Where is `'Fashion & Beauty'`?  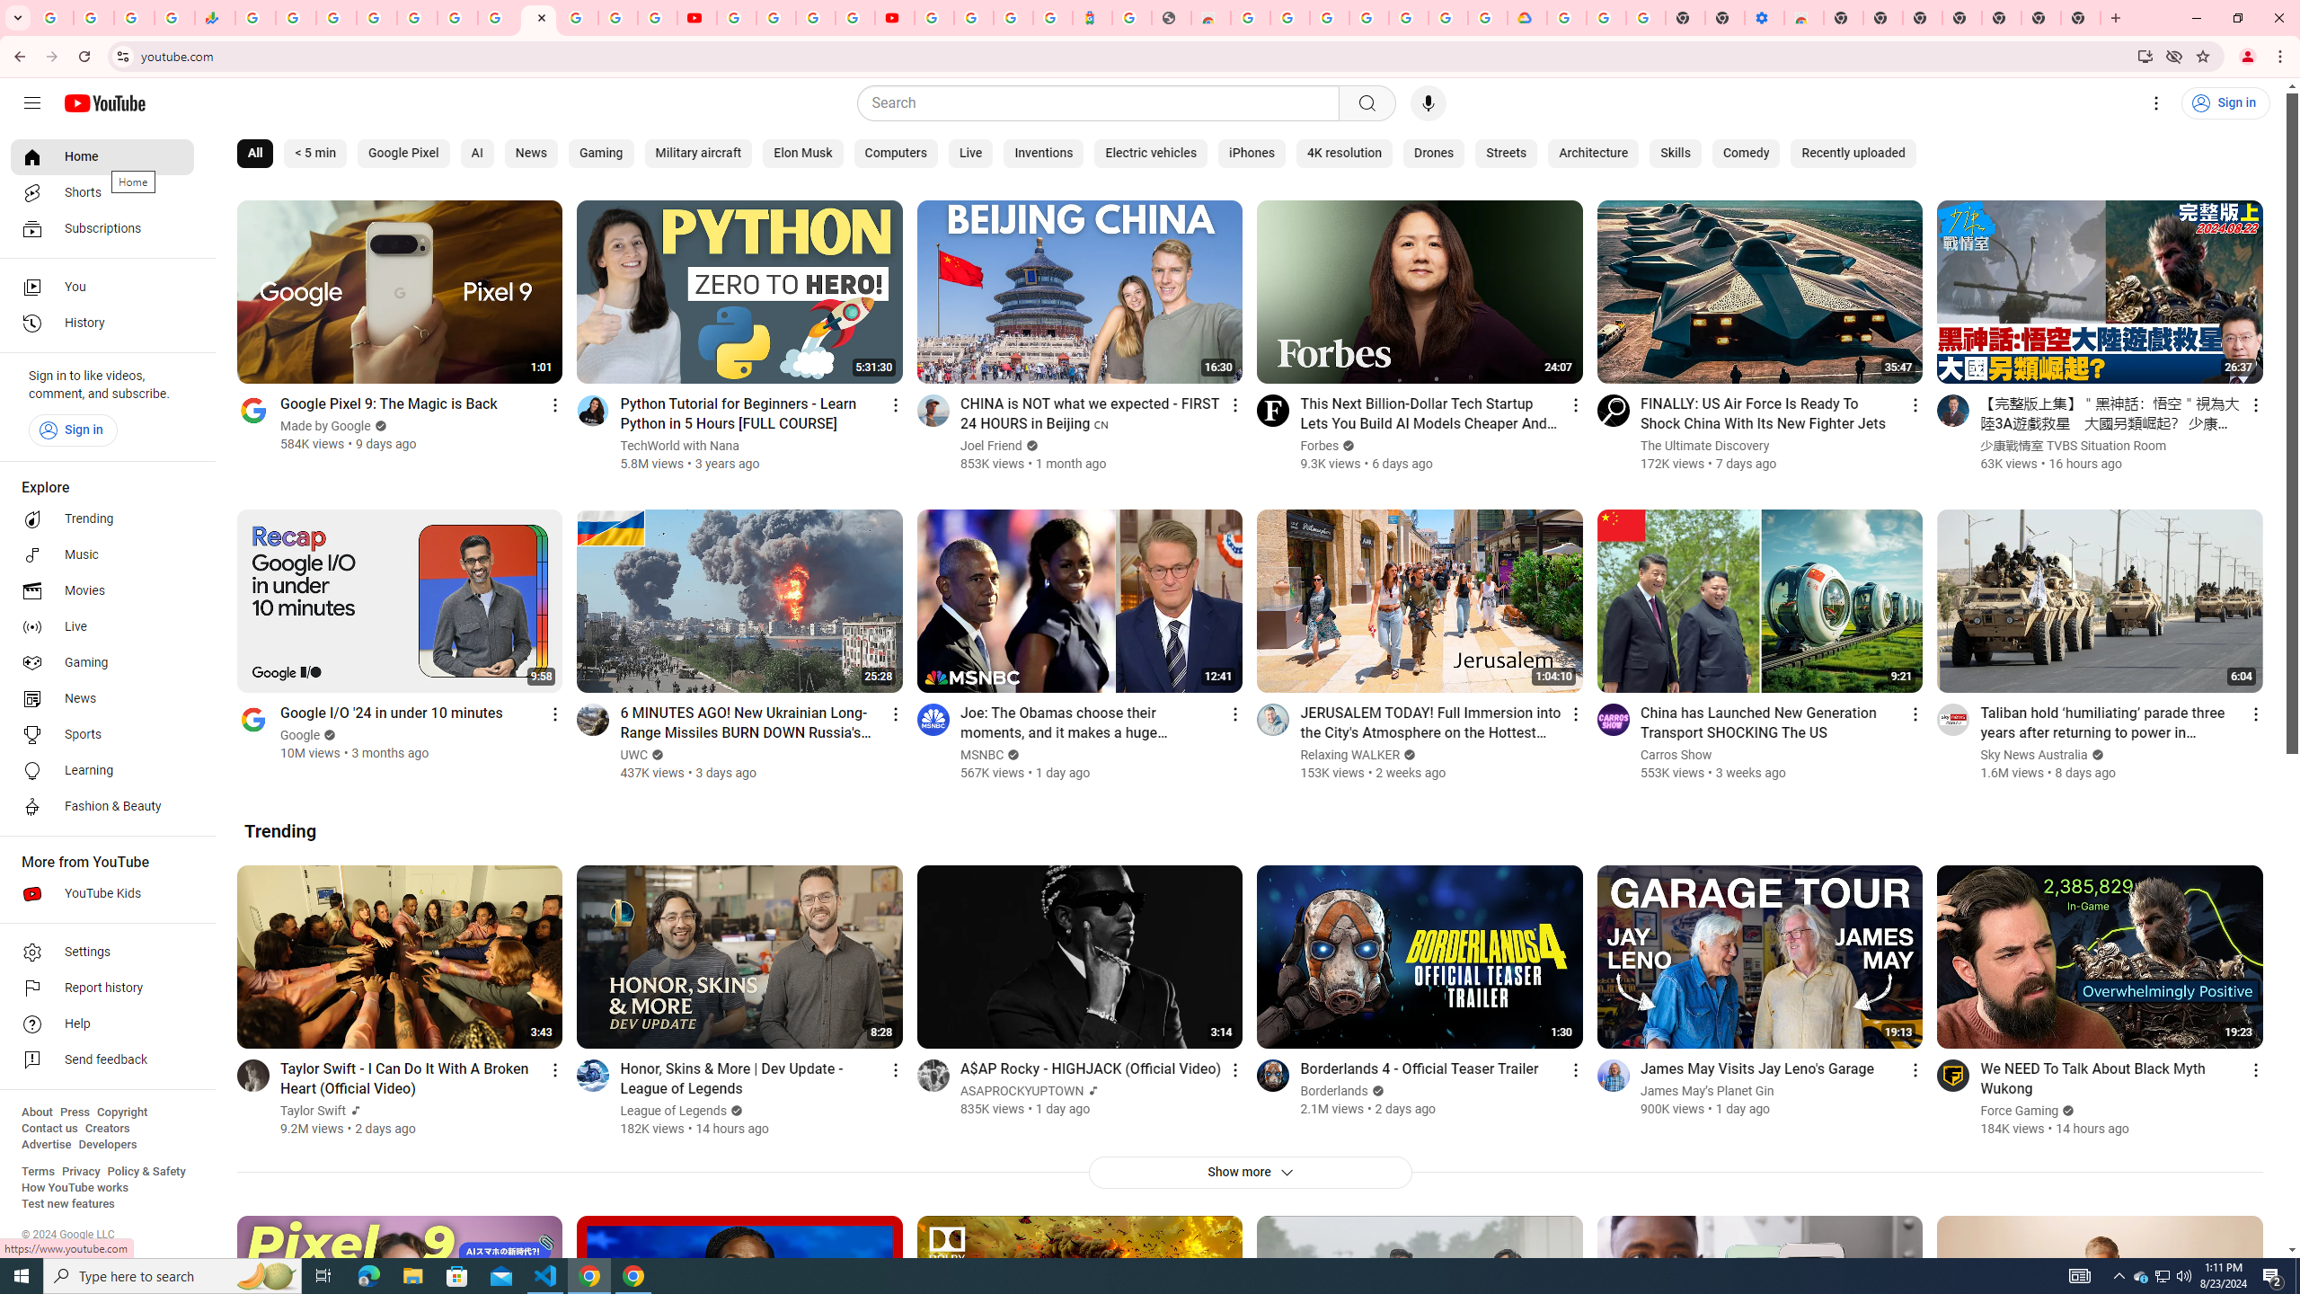
'Fashion & Beauty' is located at coordinates (102, 806).